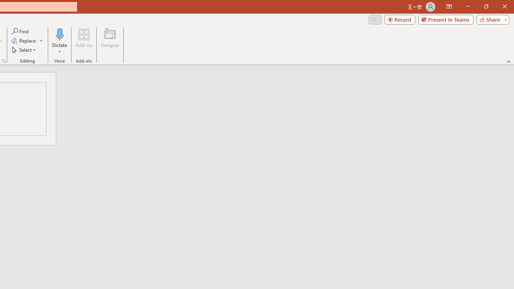 Image resolution: width=514 pixels, height=289 pixels. Describe the element at coordinates (445, 19) in the screenshot. I see `'Present in Teams'` at that location.